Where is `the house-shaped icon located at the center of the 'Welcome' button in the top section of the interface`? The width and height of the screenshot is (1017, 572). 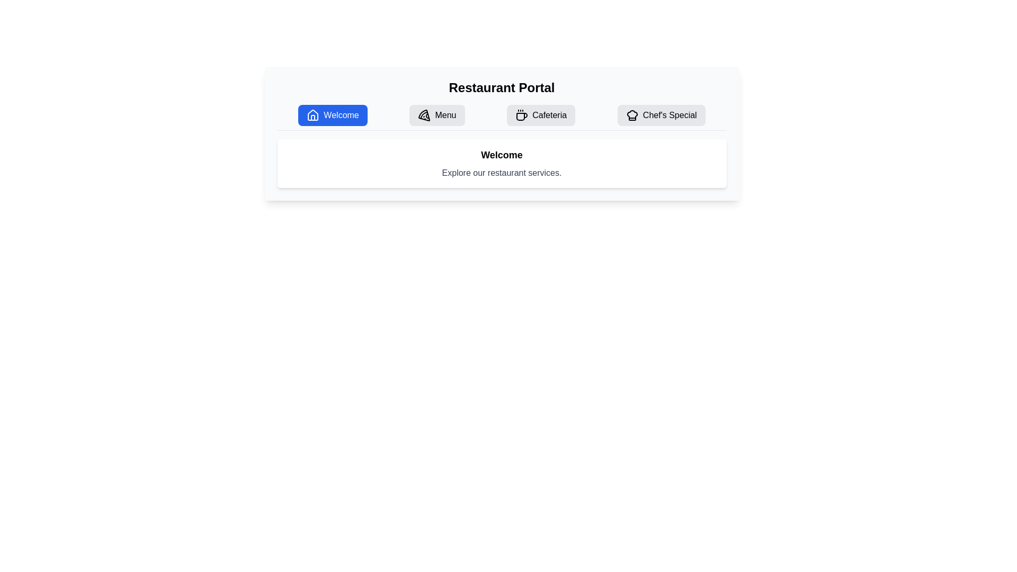
the house-shaped icon located at the center of the 'Welcome' button in the top section of the interface is located at coordinates (313, 115).